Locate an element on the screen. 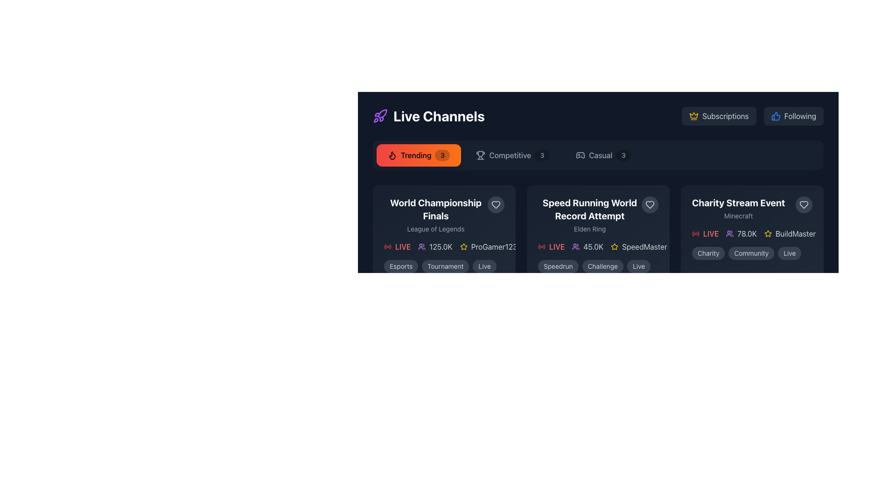 The width and height of the screenshot is (896, 504). the 'Trending' SVG icon located near the left side of the 'Trending' button in the header of the interface is located at coordinates (392, 154).